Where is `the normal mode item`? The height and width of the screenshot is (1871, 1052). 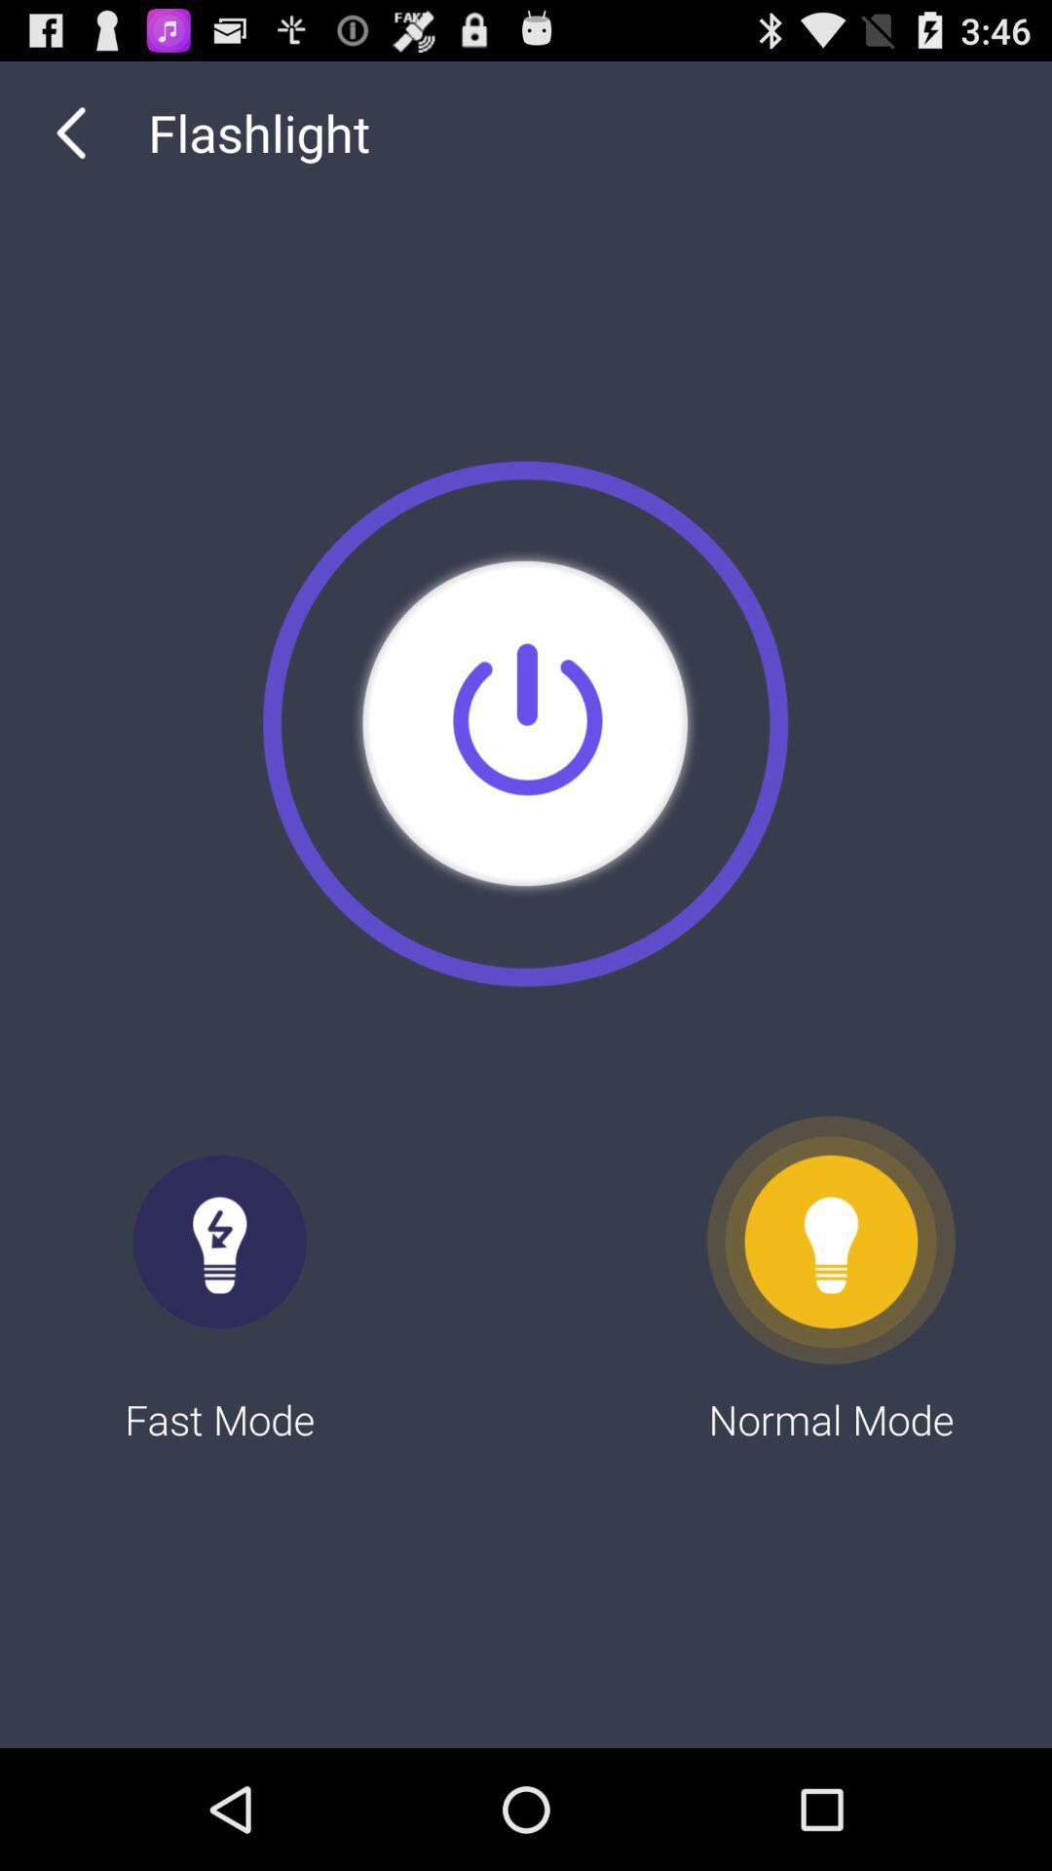 the normal mode item is located at coordinates (831, 1280).